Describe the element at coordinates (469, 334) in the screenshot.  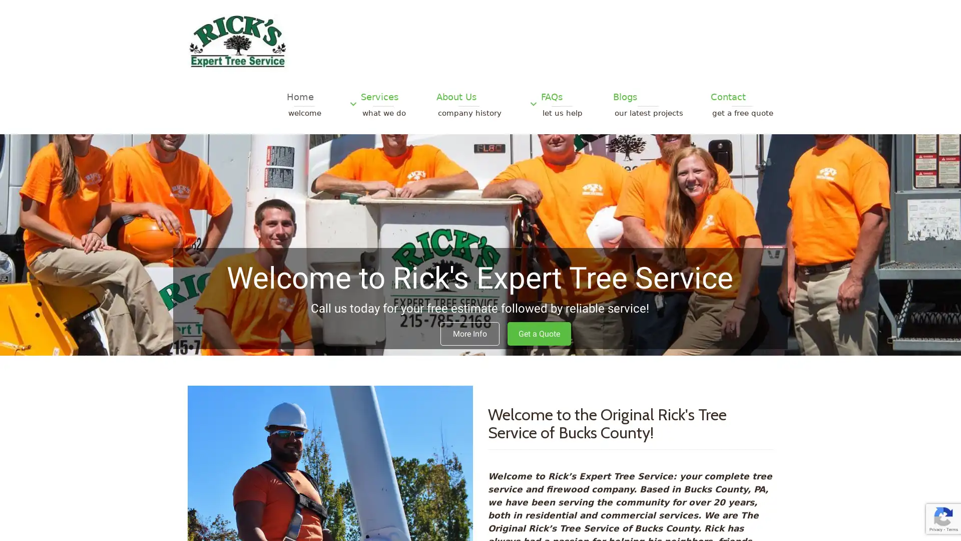
I see `More Info` at that location.